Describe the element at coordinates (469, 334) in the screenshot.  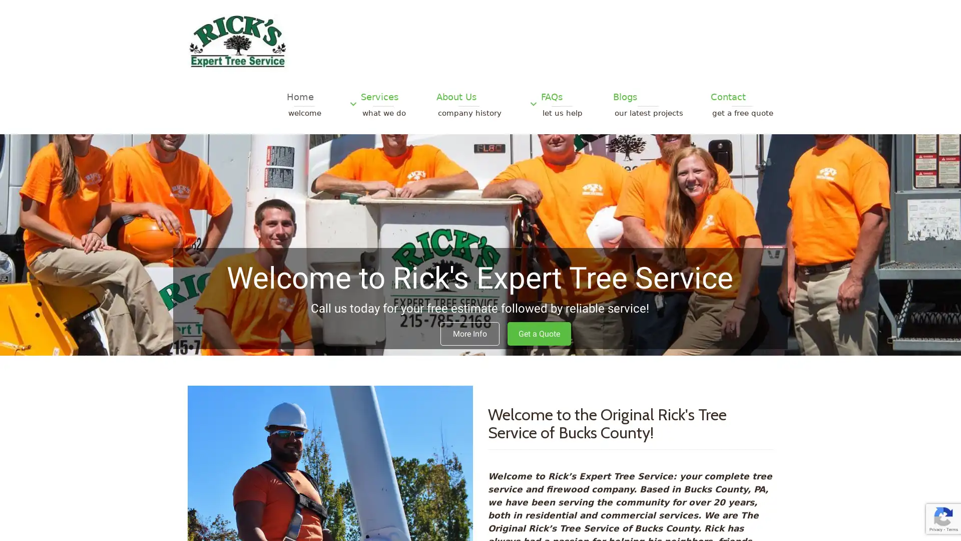
I see `More Info` at that location.